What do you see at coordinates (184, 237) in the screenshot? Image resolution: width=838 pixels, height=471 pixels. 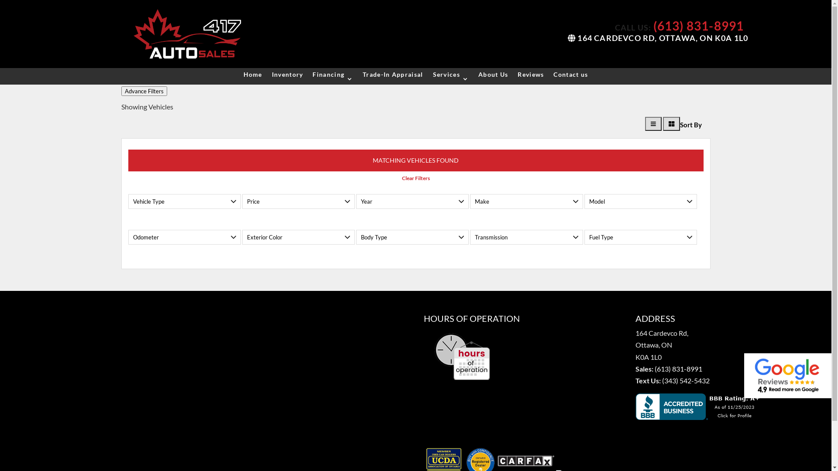 I see `'Odometer'` at bounding box center [184, 237].